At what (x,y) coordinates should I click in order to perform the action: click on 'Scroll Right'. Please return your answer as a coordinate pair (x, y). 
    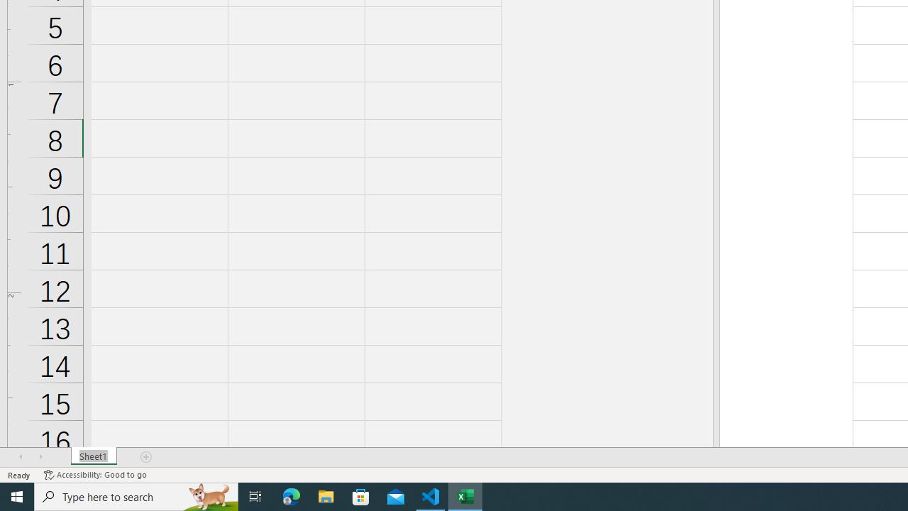
    Looking at the image, I should click on (40, 457).